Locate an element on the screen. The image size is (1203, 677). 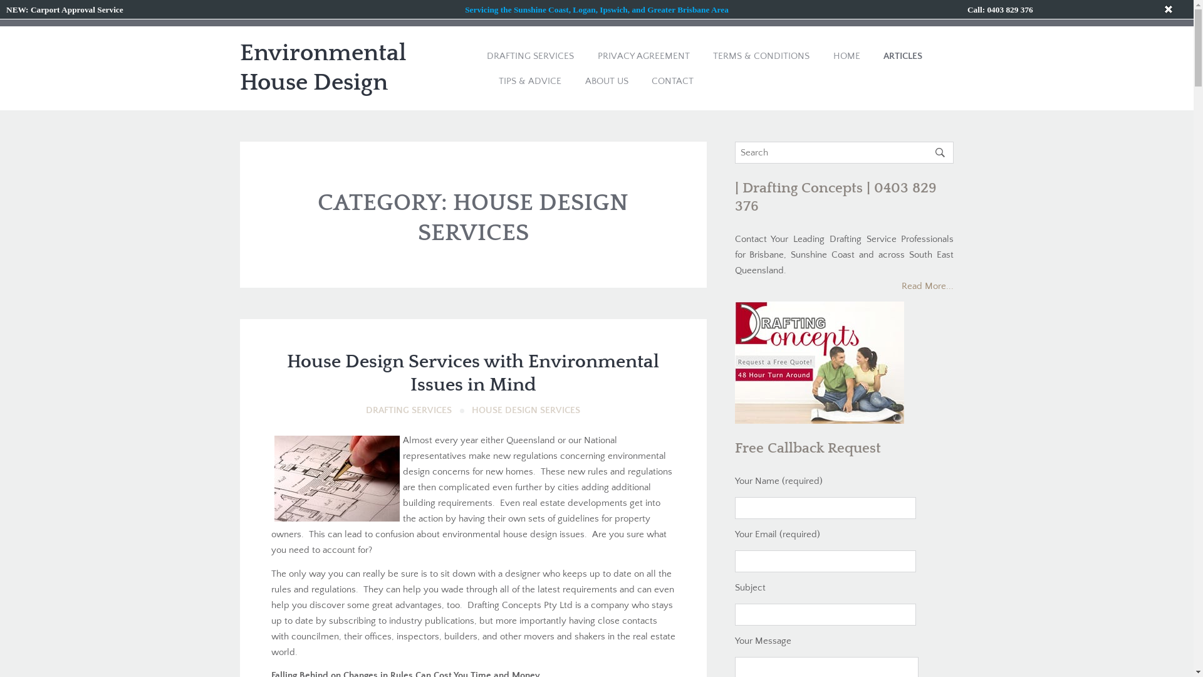
'ARTICLES' is located at coordinates (902, 55).